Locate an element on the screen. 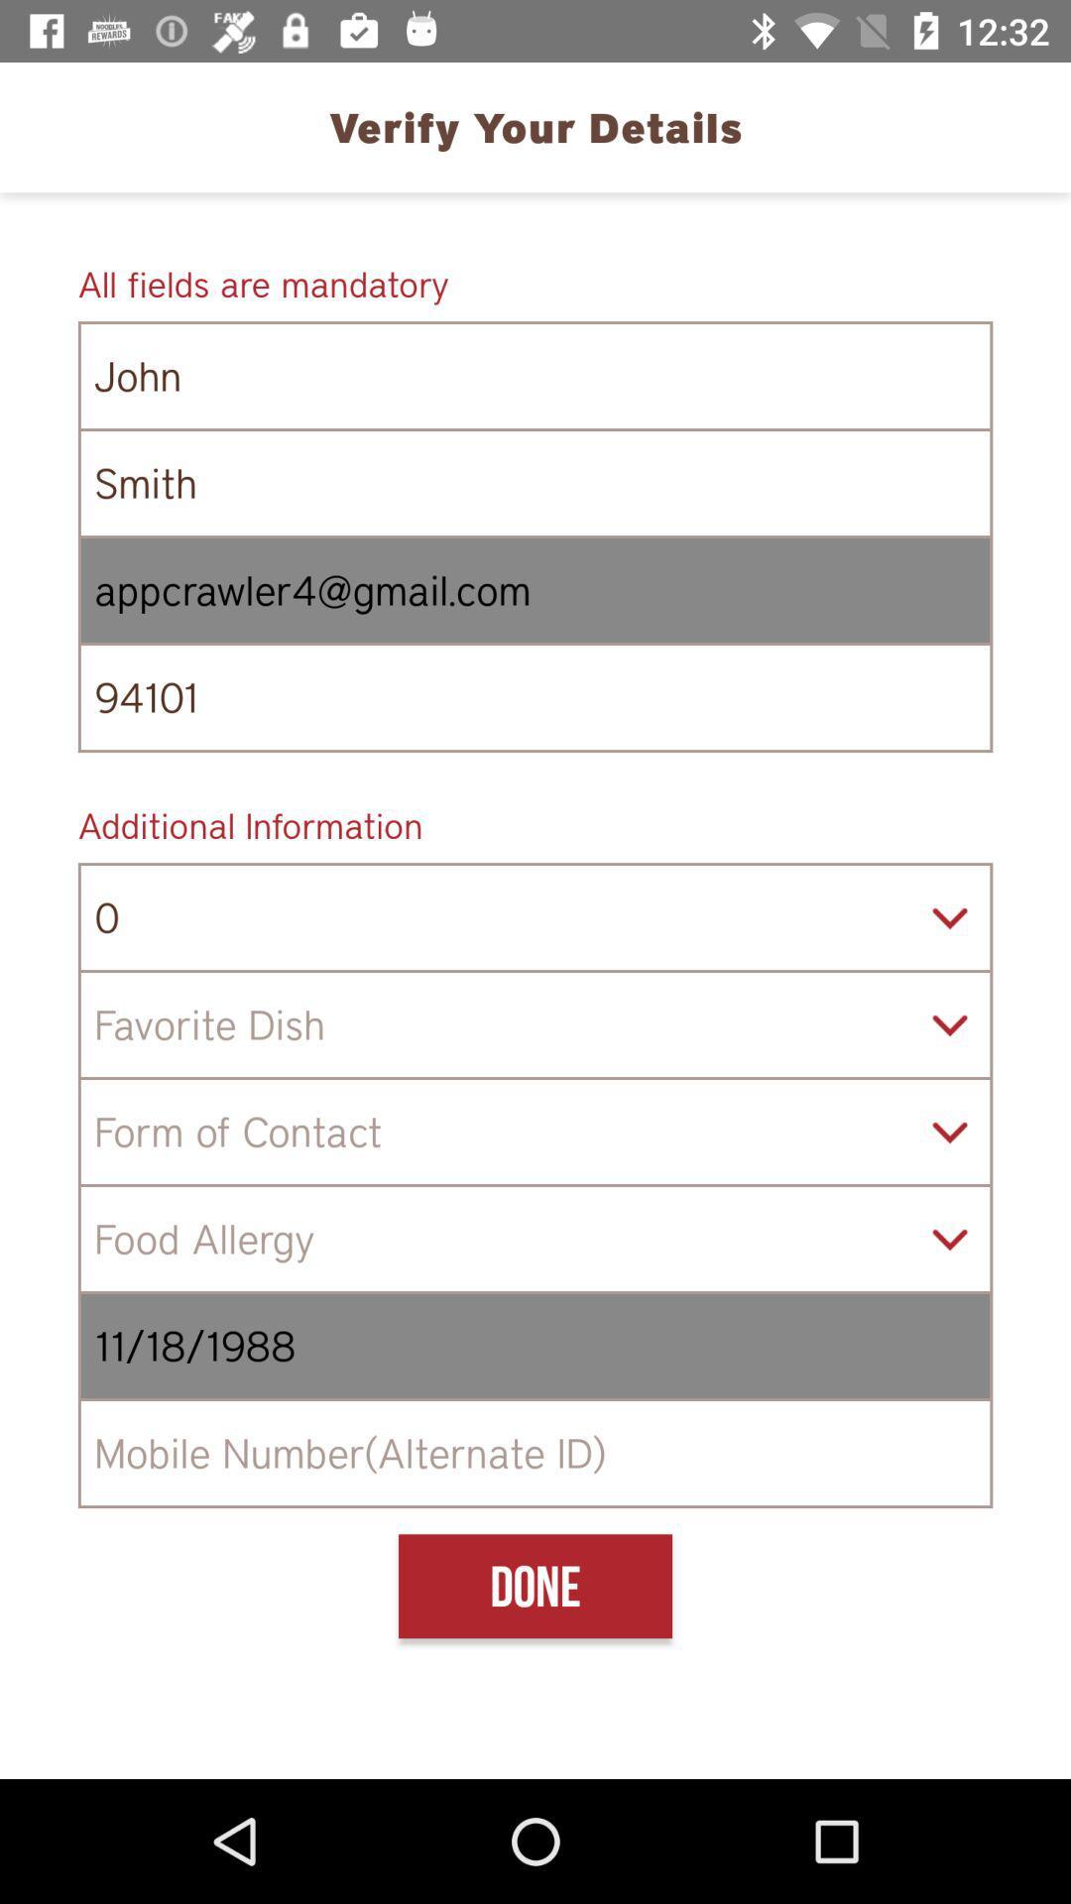  the done is located at coordinates (535, 1585).